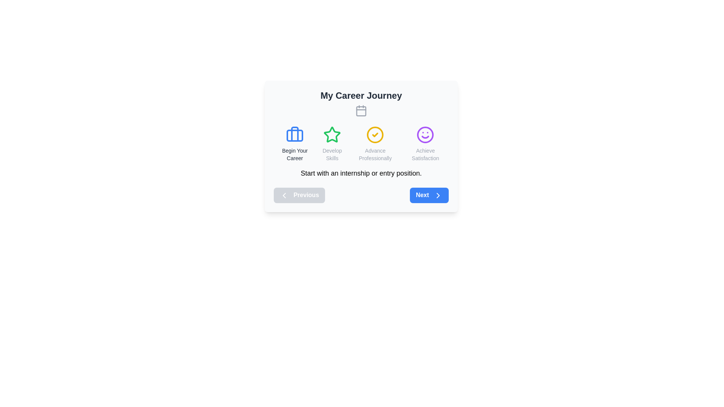  What do you see at coordinates (361, 111) in the screenshot?
I see `the small rectangle component within the calendar icon that is positioned above the text 'Develop Skills' and aligned with 'My Career Journey.'` at bounding box center [361, 111].